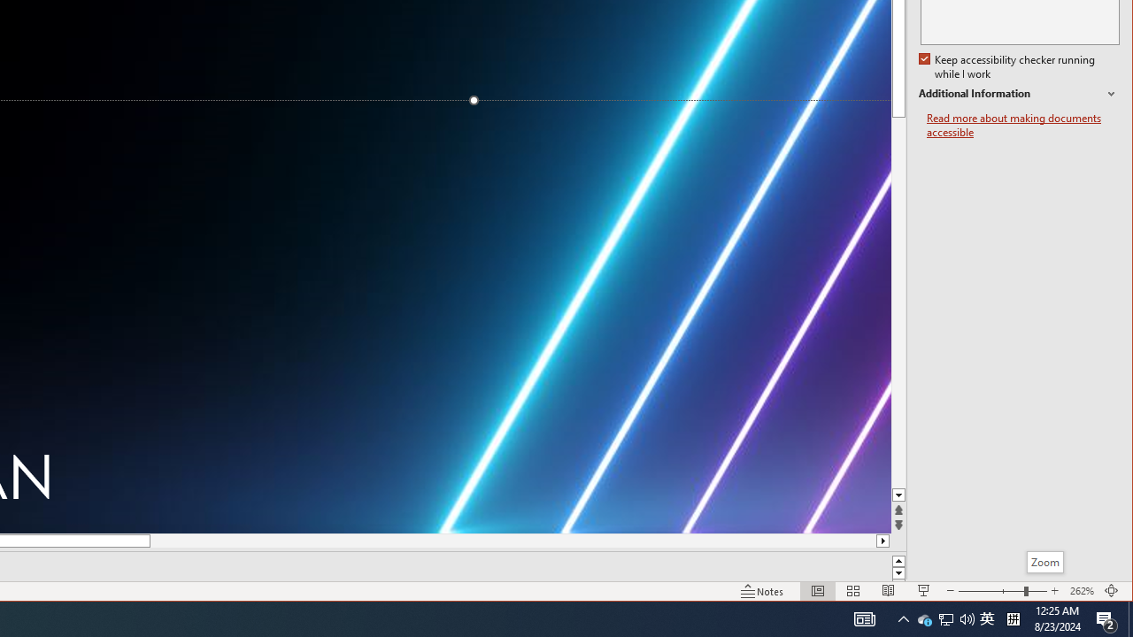  I want to click on 'User Promoted Notification Area', so click(944, 618).